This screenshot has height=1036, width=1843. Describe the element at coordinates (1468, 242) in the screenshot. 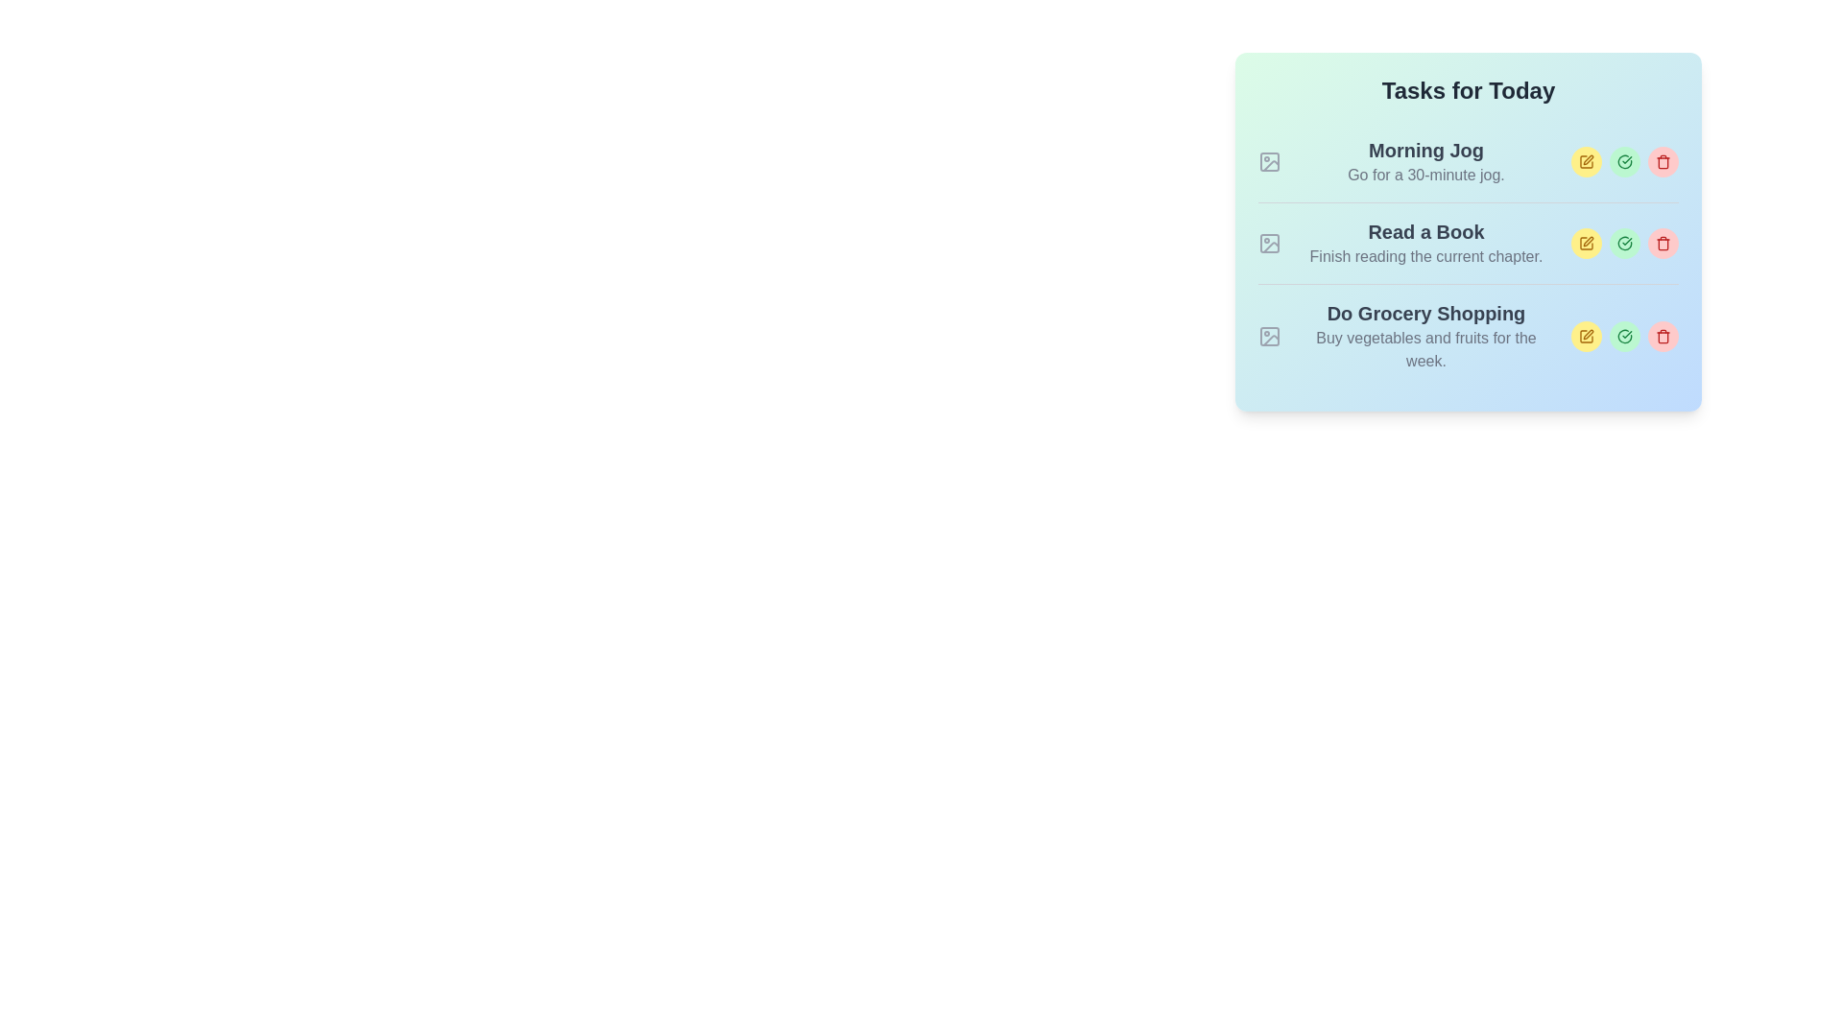

I see `the complete button of the task item titled 'Read a Book' in the task list to mark it as done` at that location.